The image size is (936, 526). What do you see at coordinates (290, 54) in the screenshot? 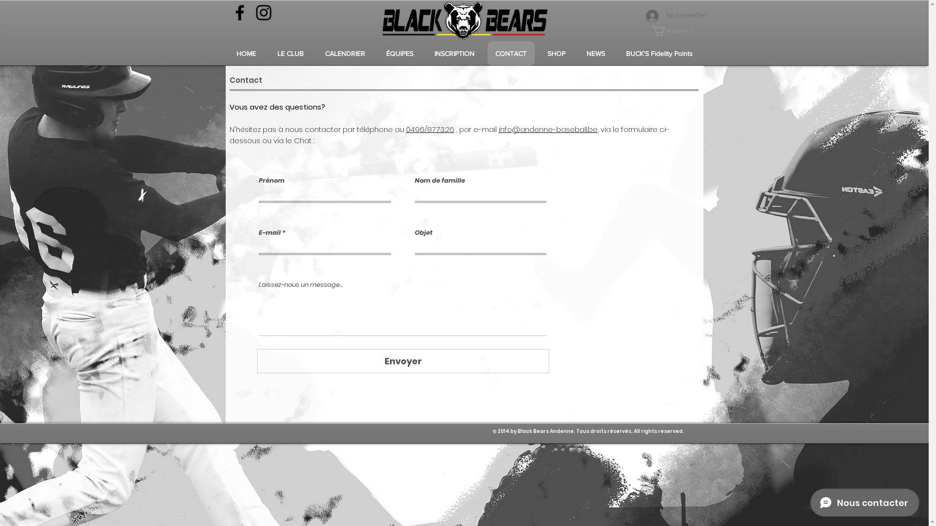
I see `'LE CLUB'` at bounding box center [290, 54].